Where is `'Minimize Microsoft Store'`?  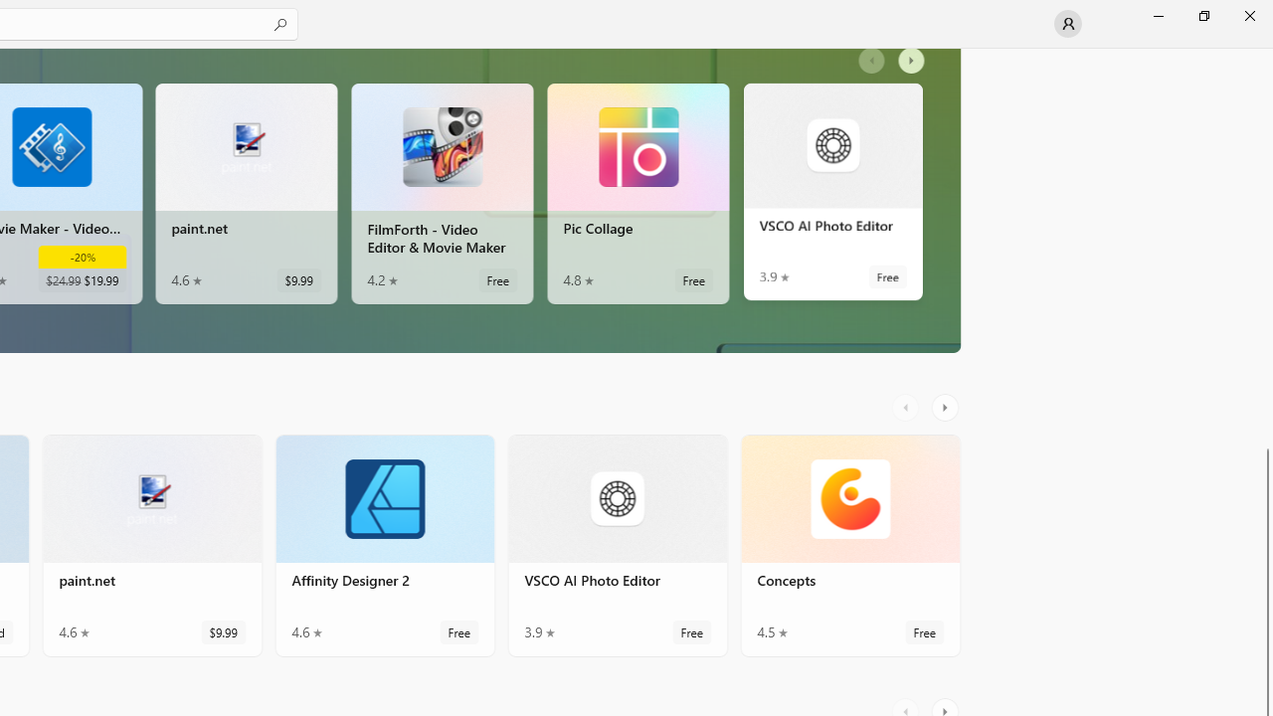
'Minimize Microsoft Store' is located at coordinates (1158, 15).